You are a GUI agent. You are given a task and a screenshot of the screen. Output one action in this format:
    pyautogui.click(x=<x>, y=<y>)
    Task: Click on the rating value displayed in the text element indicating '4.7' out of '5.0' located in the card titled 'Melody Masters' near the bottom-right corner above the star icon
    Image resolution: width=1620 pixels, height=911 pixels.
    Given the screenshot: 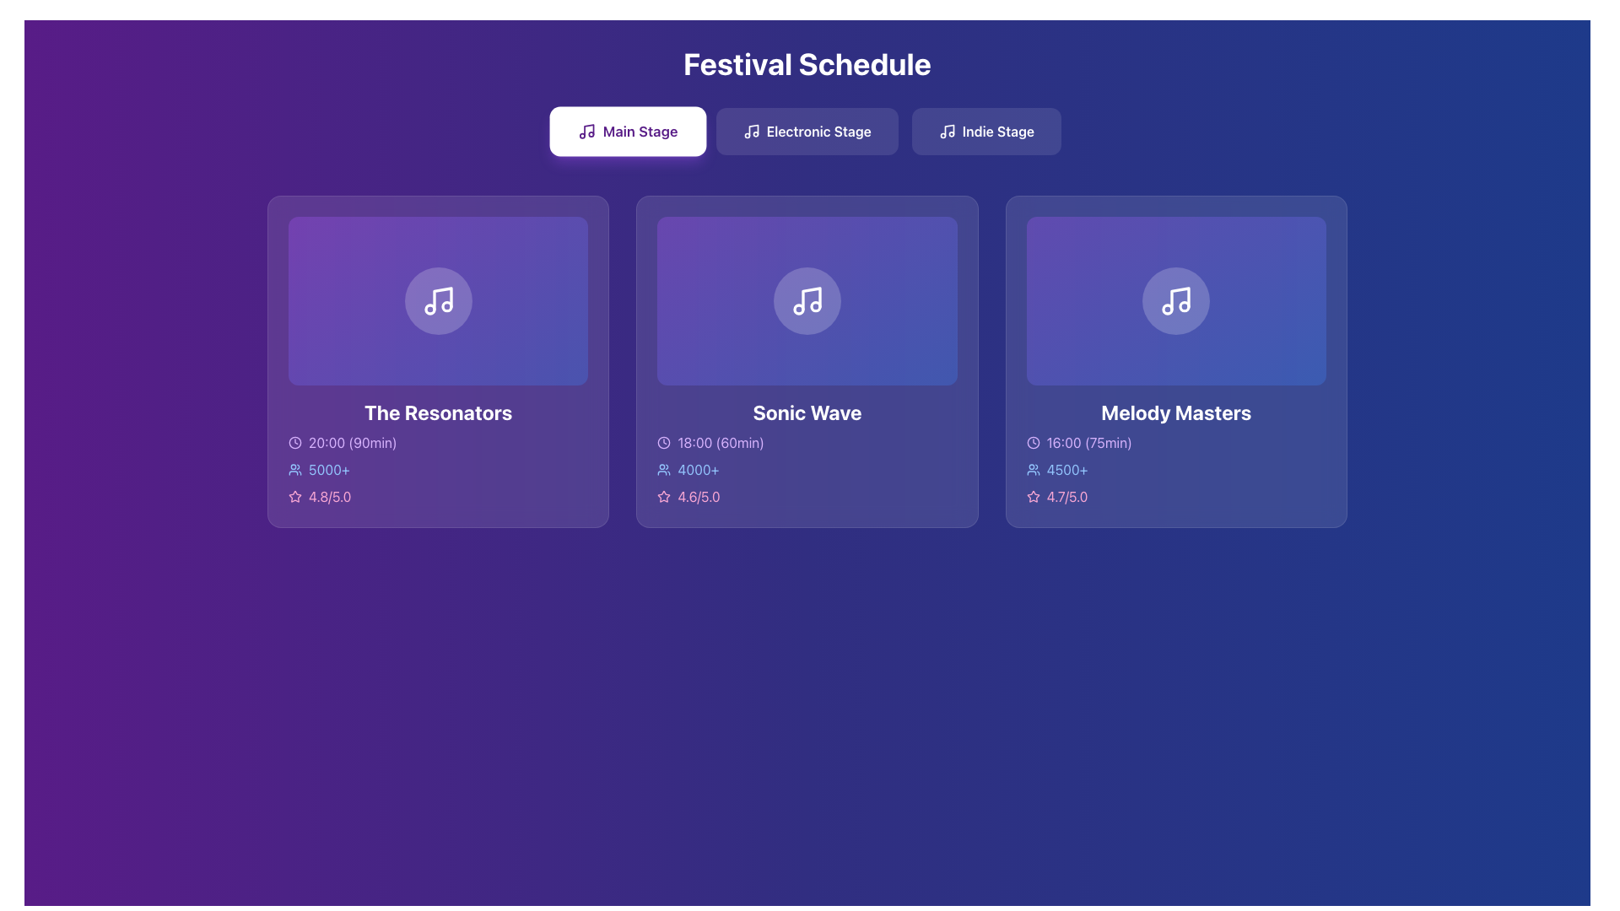 What is the action you would take?
    pyautogui.click(x=1066, y=495)
    